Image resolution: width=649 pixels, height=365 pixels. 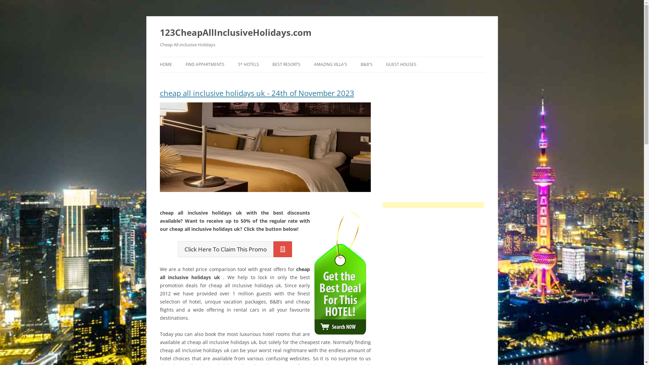 I want to click on 'GUEST HOUSES', so click(x=401, y=65).